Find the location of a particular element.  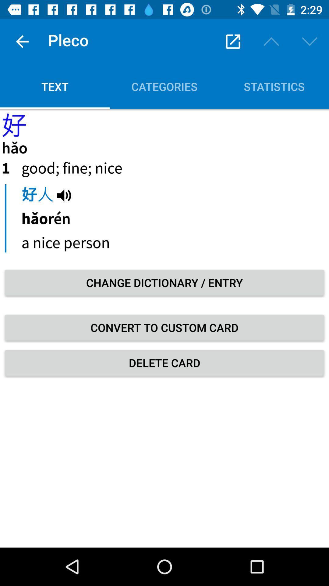

the icon above the categories is located at coordinates (233, 41).